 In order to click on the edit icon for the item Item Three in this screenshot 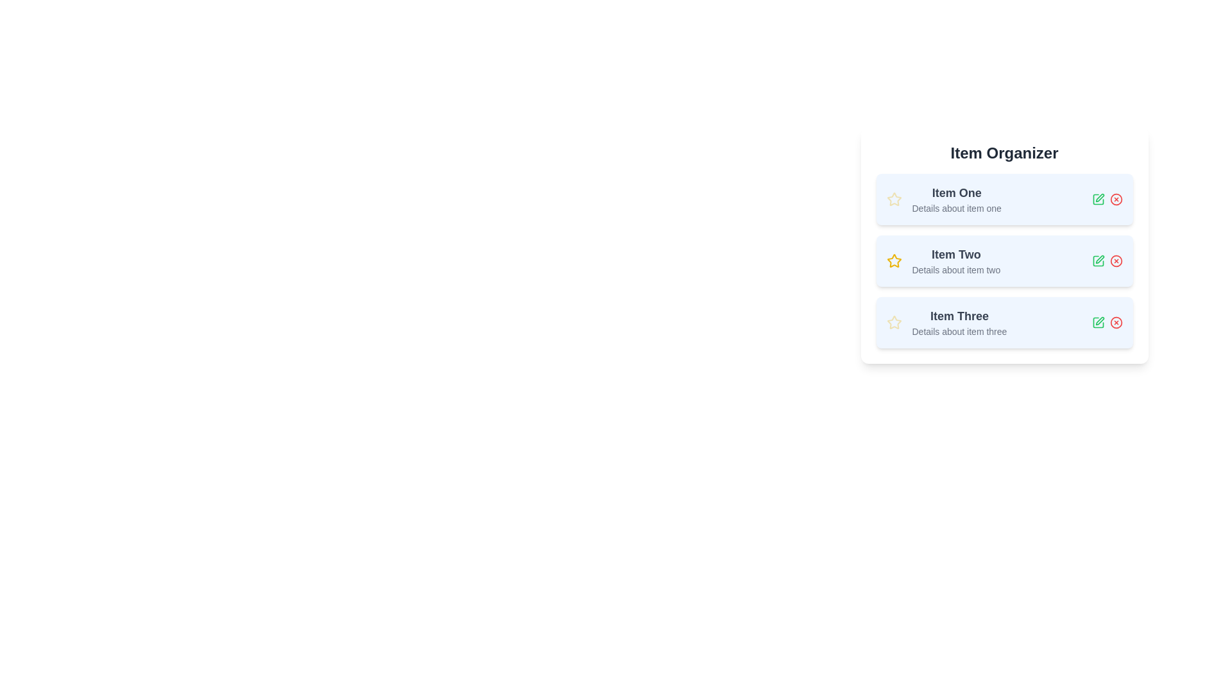, I will do `click(1097, 321)`.